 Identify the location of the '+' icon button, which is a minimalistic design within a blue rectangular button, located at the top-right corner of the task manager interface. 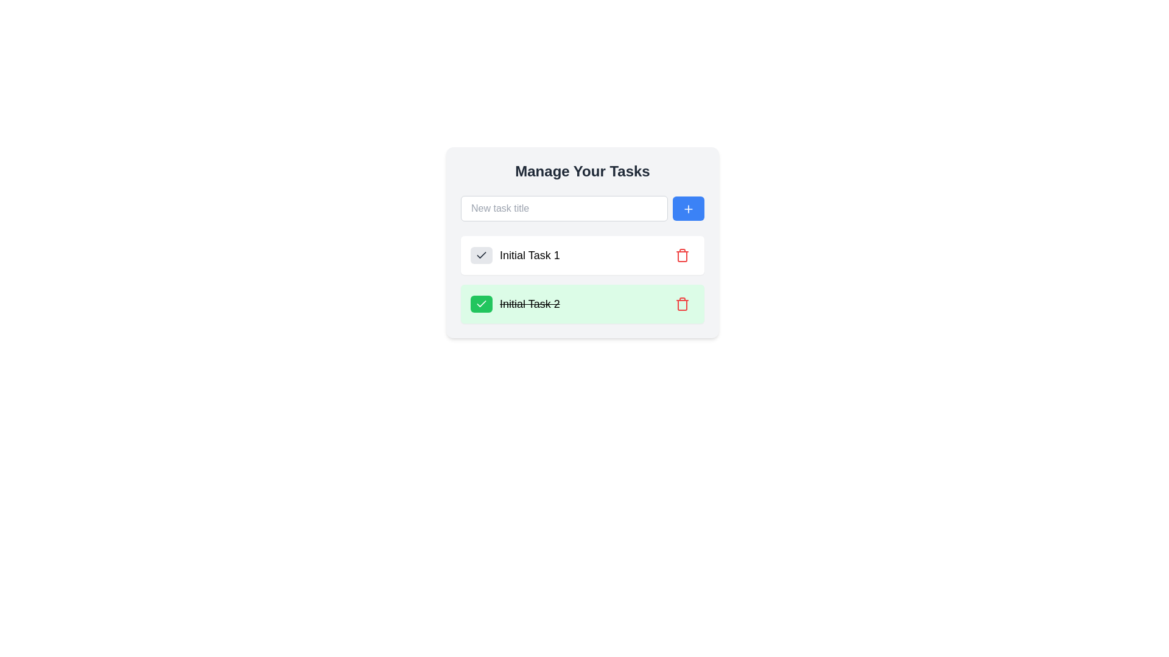
(689, 208).